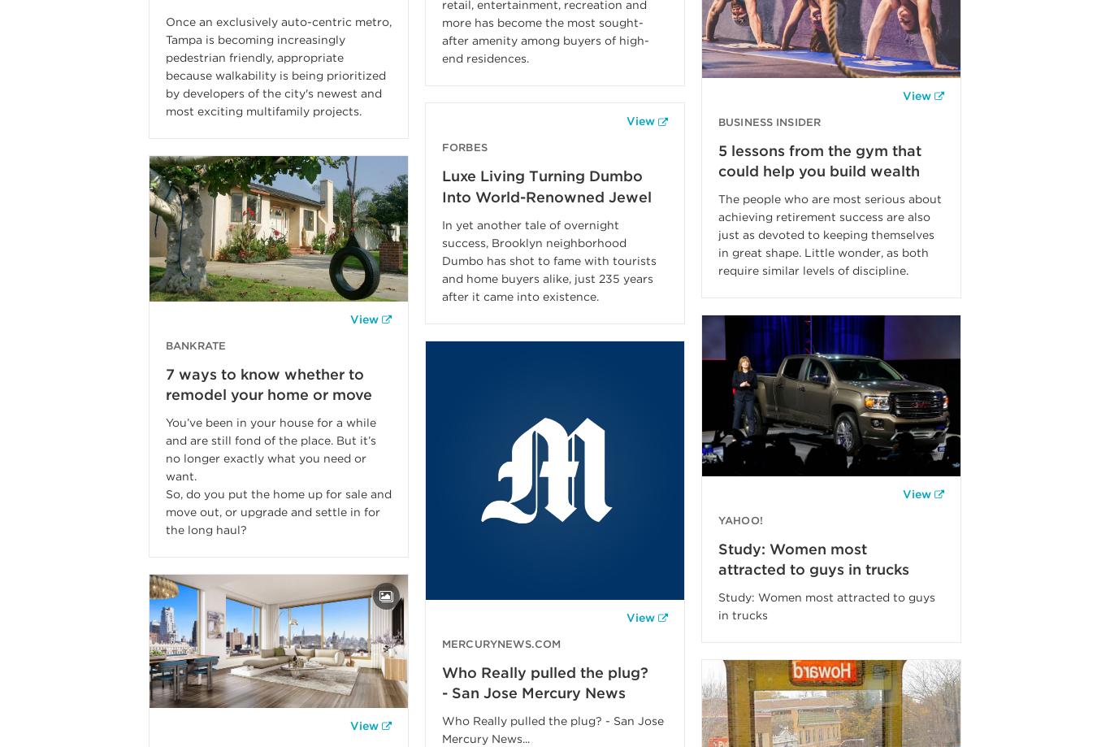 The image size is (1110, 747). What do you see at coordinates (164, 449) in the screenshot?
I see `'You’ve been in your house for a while and are still fond of the place. But it’s no longer exactly what you need or want.'` at bounding box center [164, 449].